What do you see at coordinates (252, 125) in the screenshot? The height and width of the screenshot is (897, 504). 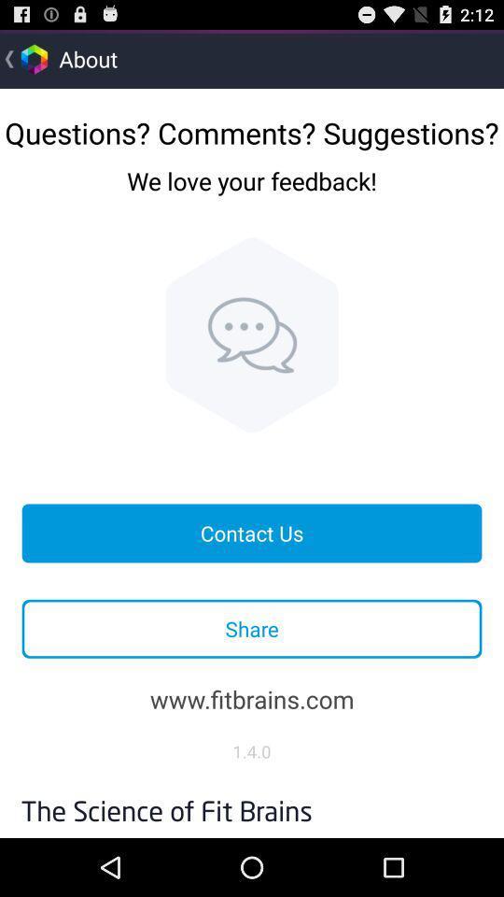 I see `questions? comments? suggestions? item` at bounding box center [252, 125].